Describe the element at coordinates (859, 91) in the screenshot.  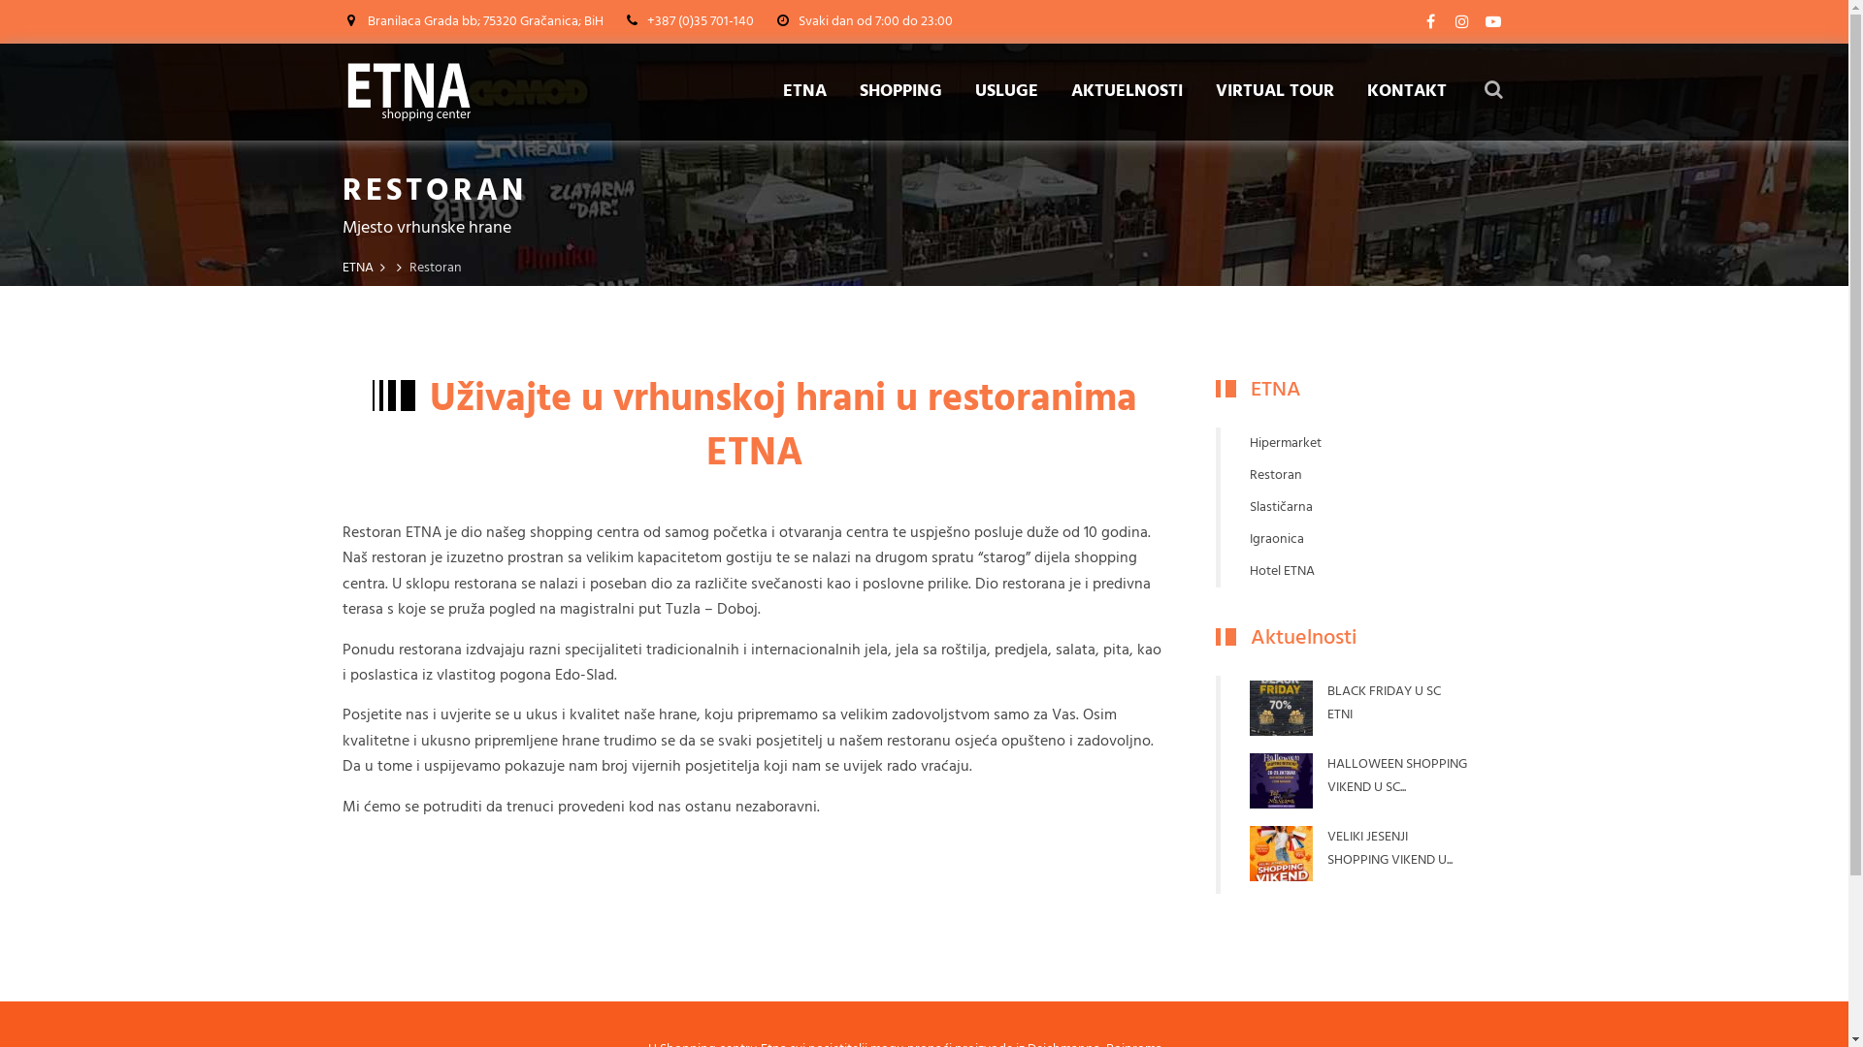
I see `'SHOPPING'` at that location.